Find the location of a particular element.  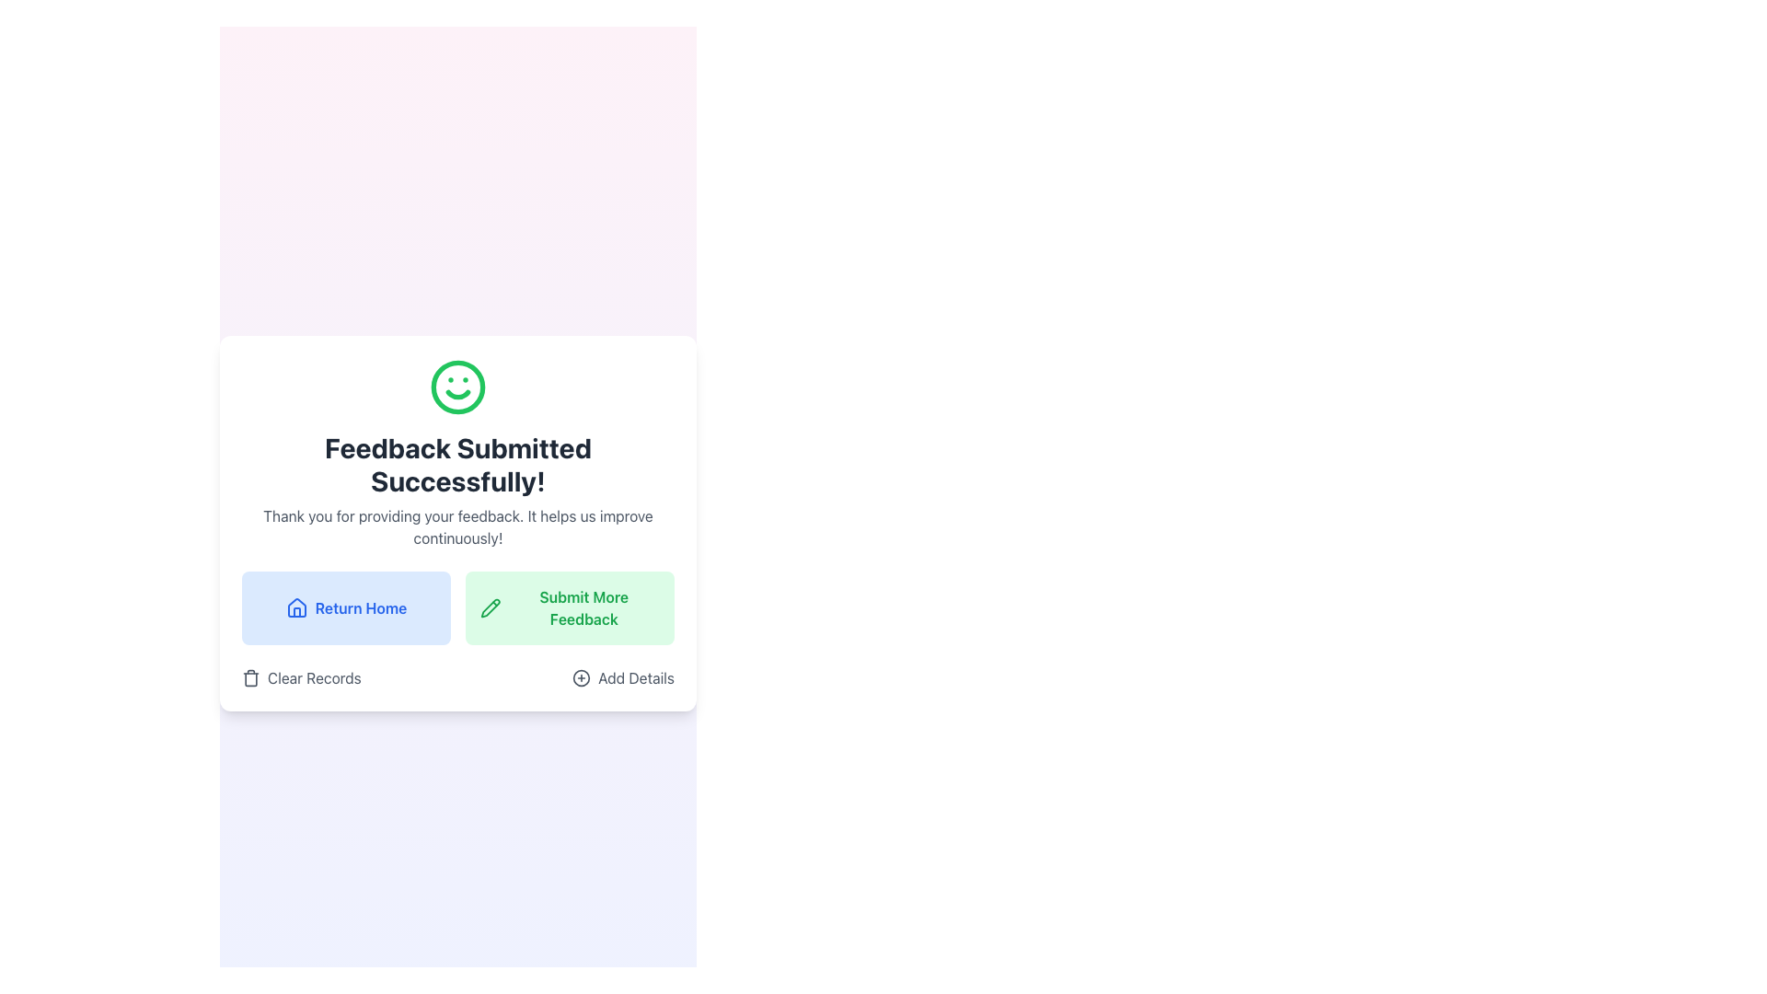

the feedback submission button located on the right side of the two-button grid within a white card interface to observe hover effects is located at coordinates (569, 607).